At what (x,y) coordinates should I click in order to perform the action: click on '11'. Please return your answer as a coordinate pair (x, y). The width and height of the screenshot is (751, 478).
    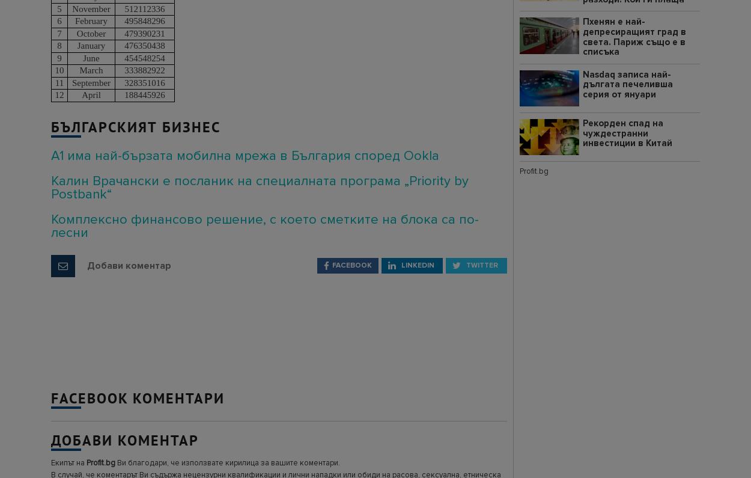
    Looking at the image, I should click on (58, 82).